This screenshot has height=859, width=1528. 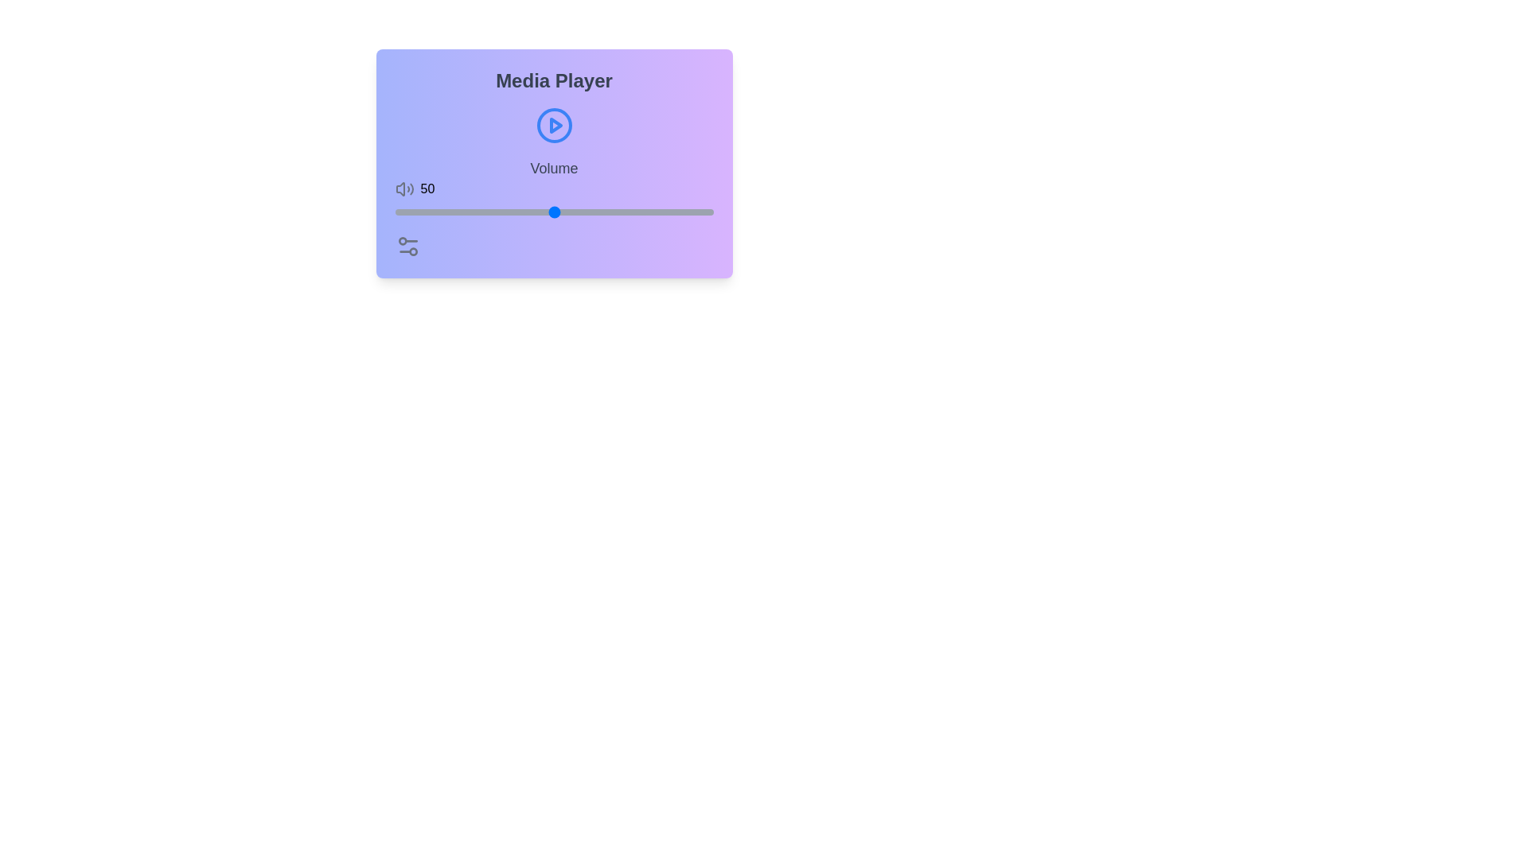 I want to click on the volume control icon, which resembles a speaker and is located to the left of the volume value ('50') in the top-left section of the media player interface, so click(x=400, y=189).